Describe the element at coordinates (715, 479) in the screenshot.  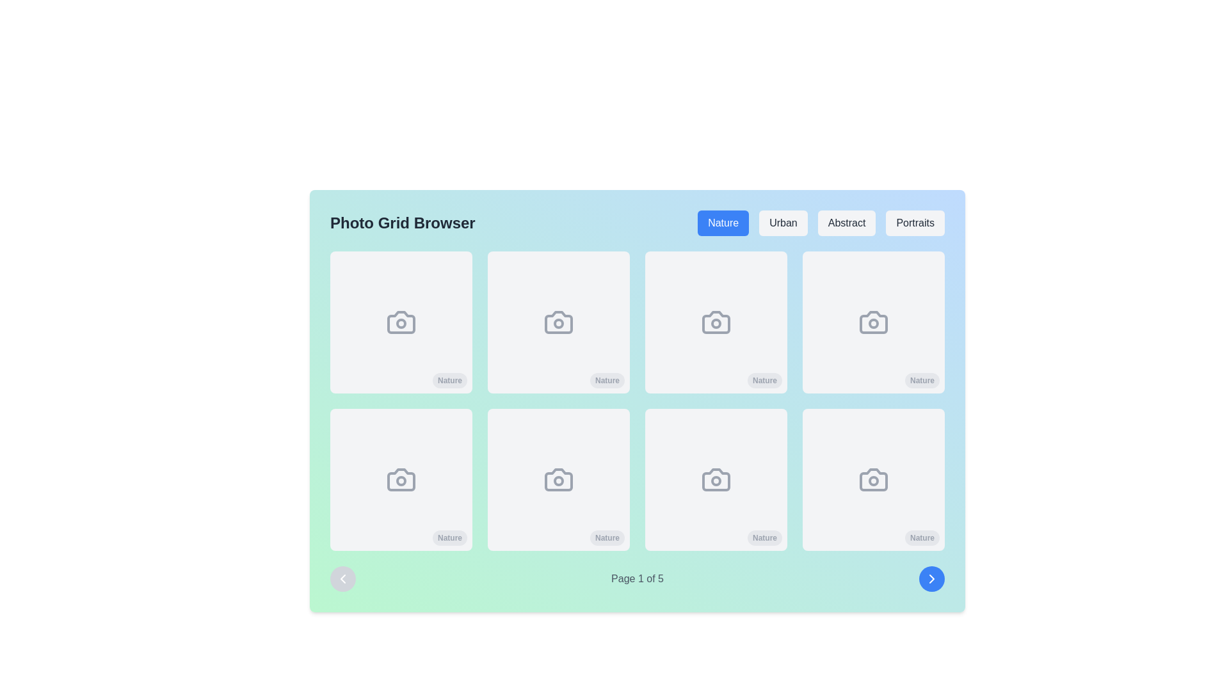
I see `the static display box related to 'Nature' located in the fourth column and second row of the grid layout` at that location.